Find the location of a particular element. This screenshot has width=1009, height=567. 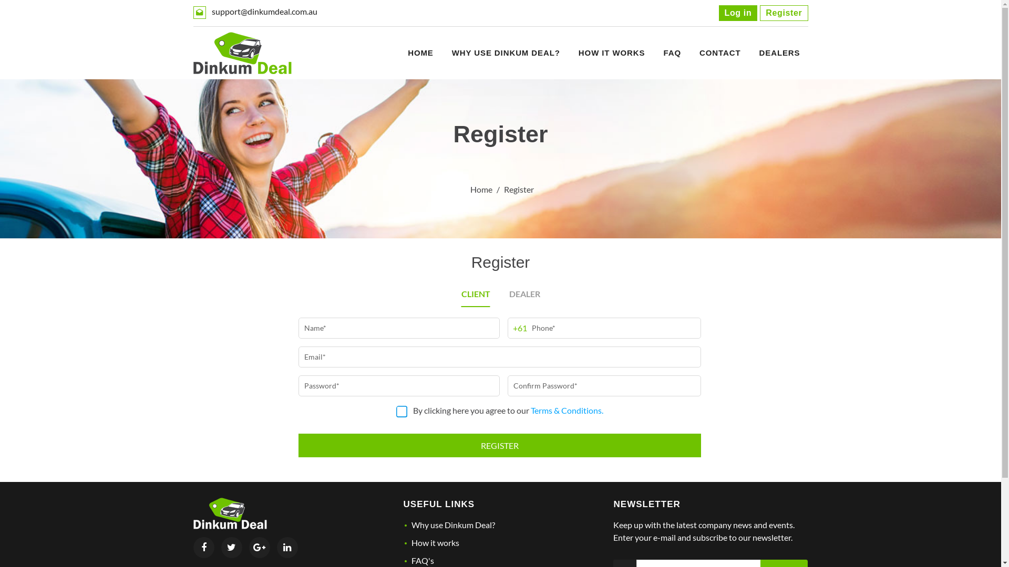

'CONTACT' is located at coordinates (691, 52).